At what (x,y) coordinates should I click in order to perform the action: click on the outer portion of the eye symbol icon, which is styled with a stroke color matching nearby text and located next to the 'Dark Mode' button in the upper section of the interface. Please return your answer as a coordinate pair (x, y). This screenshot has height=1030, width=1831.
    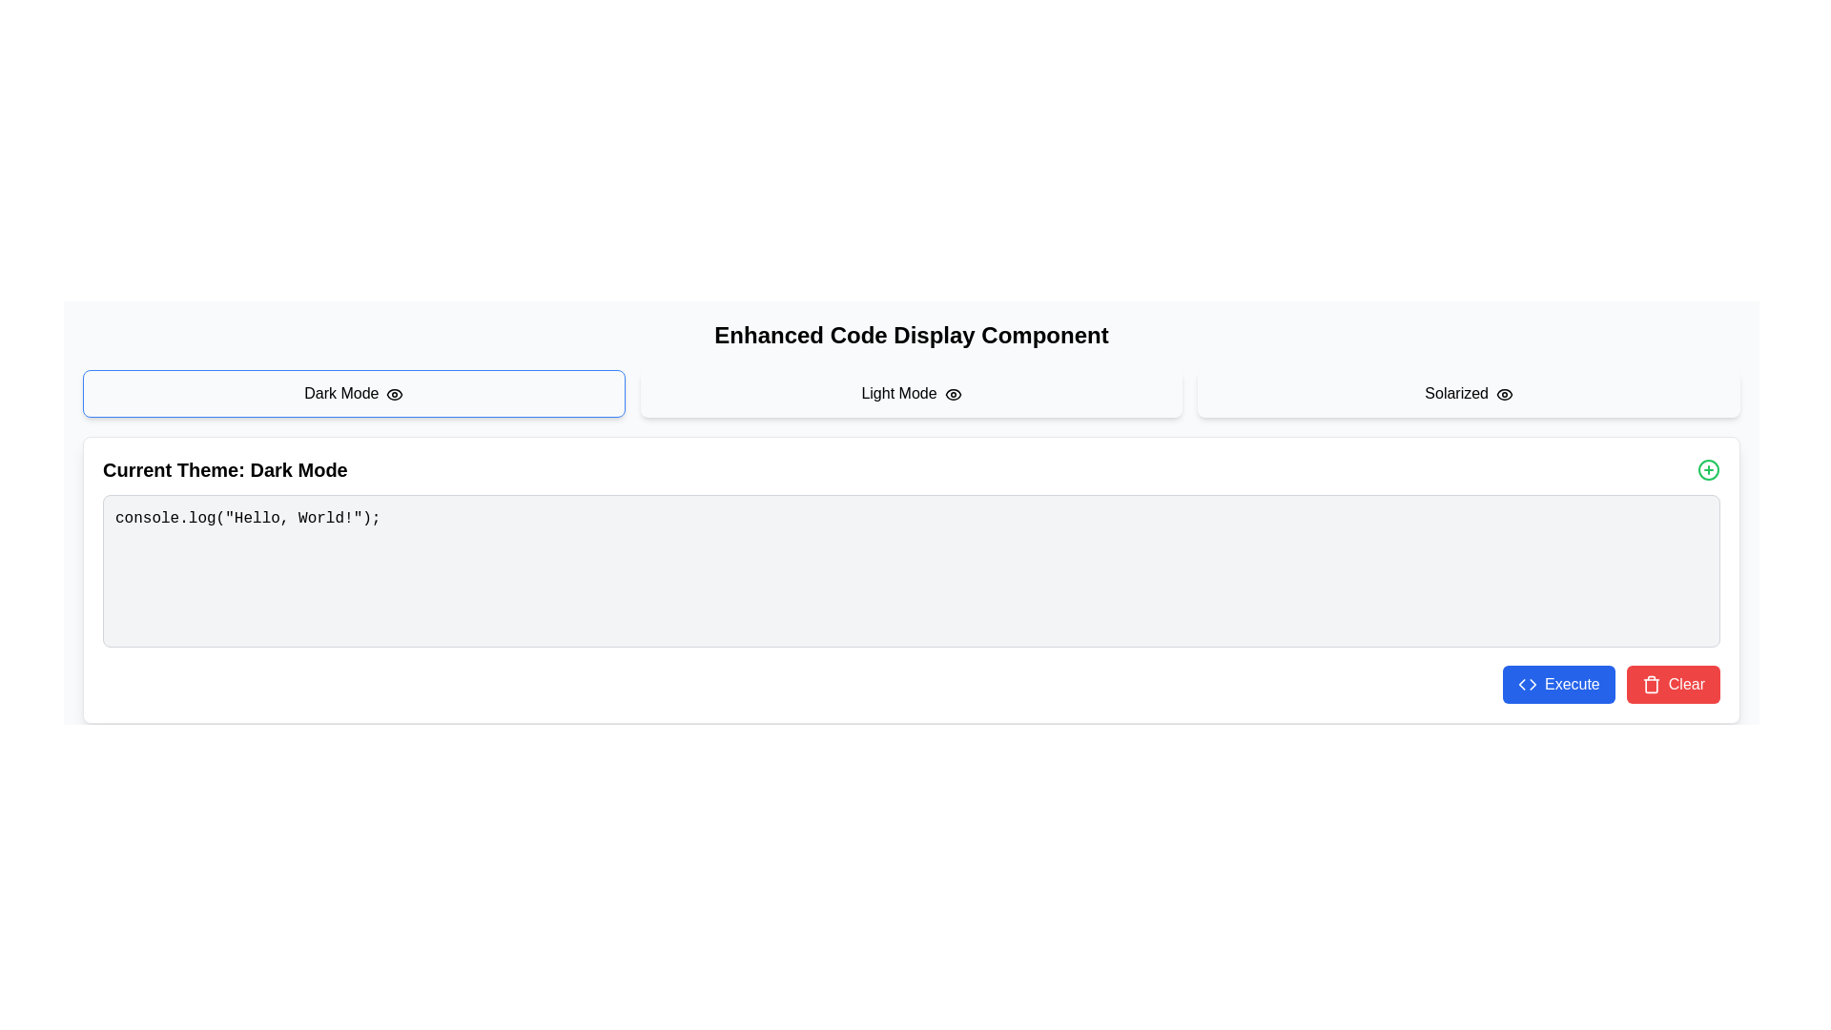
    Looking at the image, I should click on (394, 393).